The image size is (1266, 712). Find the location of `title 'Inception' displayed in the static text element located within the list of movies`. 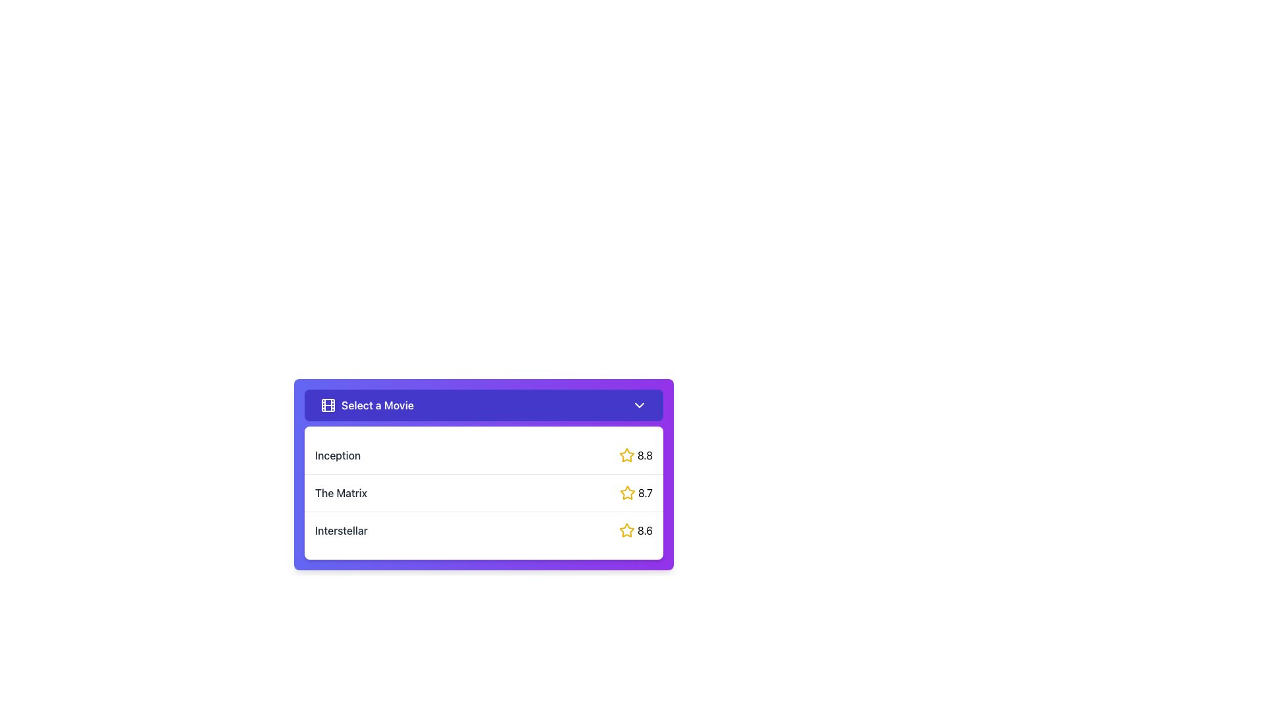

title 'Inception' displayed in the static text element located within the list of movies is located at coordinates (338, 454).